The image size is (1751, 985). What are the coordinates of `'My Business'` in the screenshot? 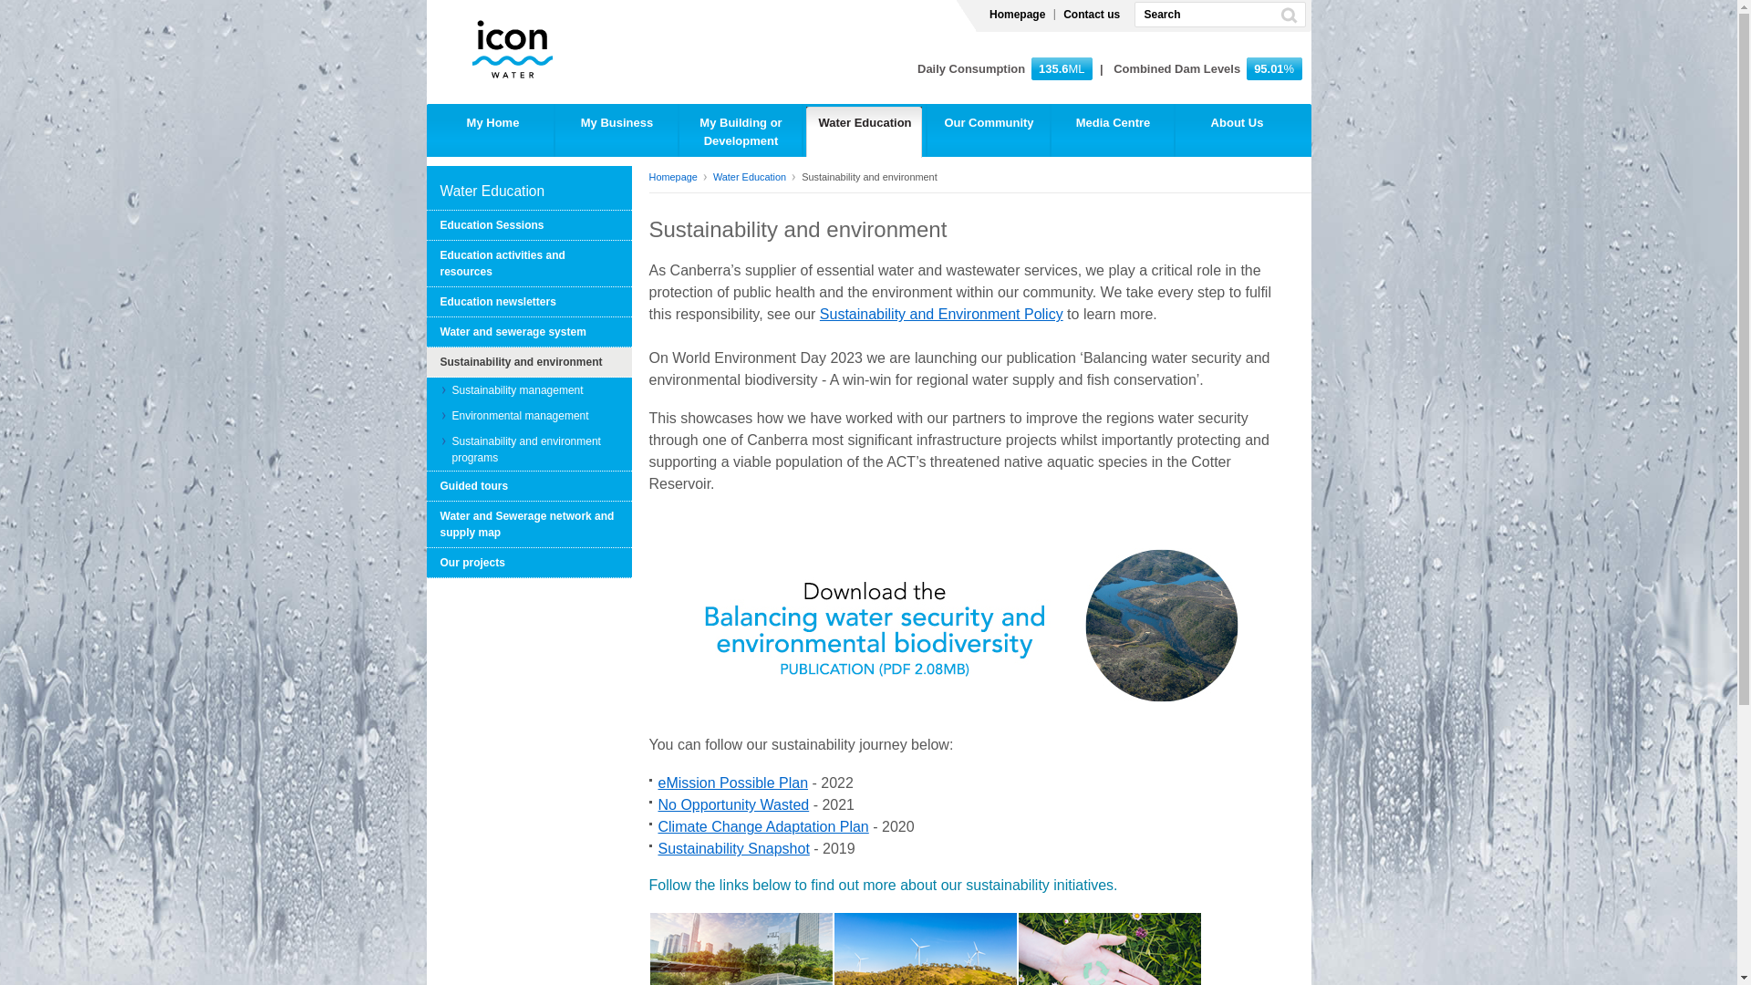 It's located at (616, 130).